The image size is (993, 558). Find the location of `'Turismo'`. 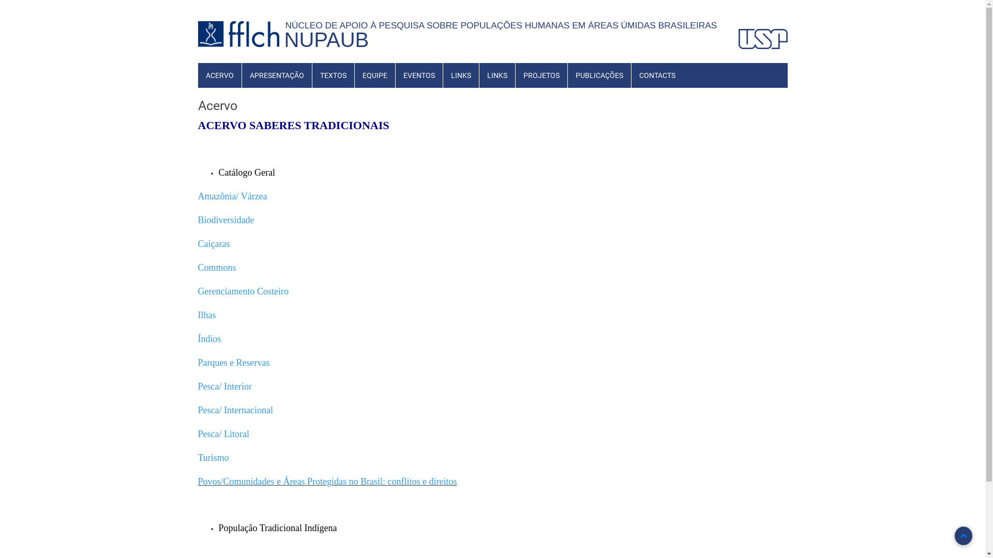

'Turismo' is located at coordinates (213, 457).